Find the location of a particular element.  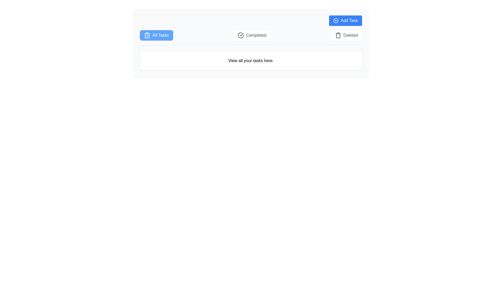

text label indicating 'All Tasks' which is part of a button in the upper interface area is located at coordinates (160, 35).